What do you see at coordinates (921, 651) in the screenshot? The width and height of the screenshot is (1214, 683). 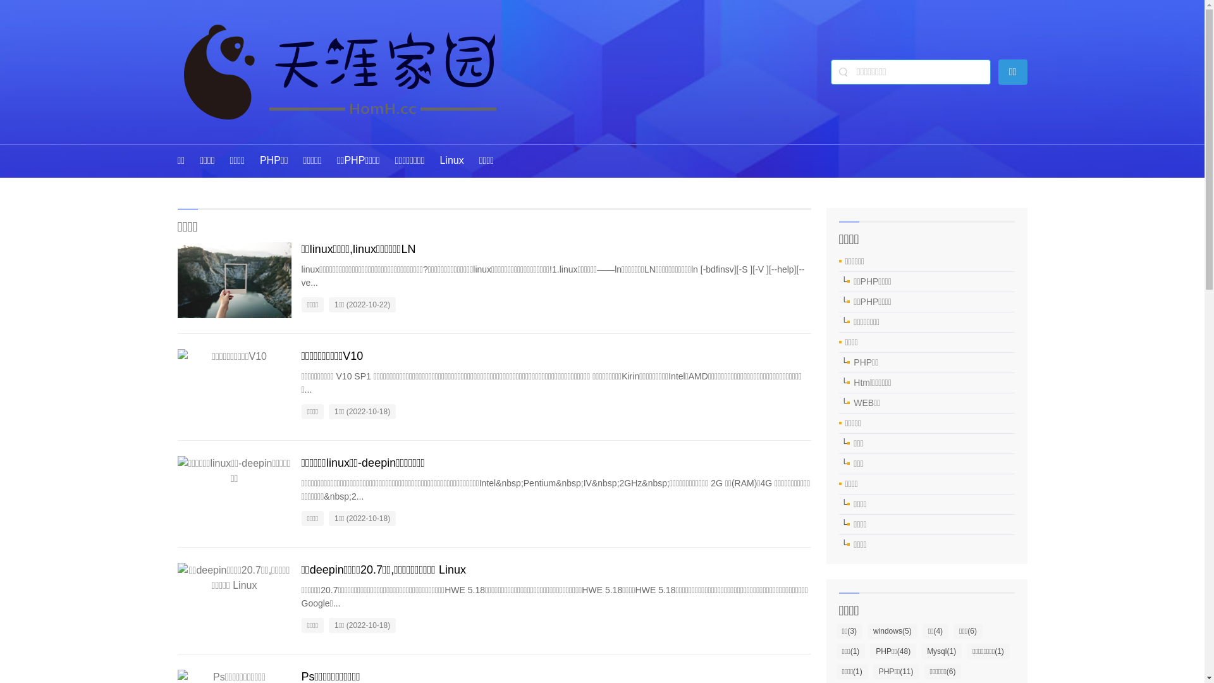 I see `'Mysql` at bounding box center [921, 651].